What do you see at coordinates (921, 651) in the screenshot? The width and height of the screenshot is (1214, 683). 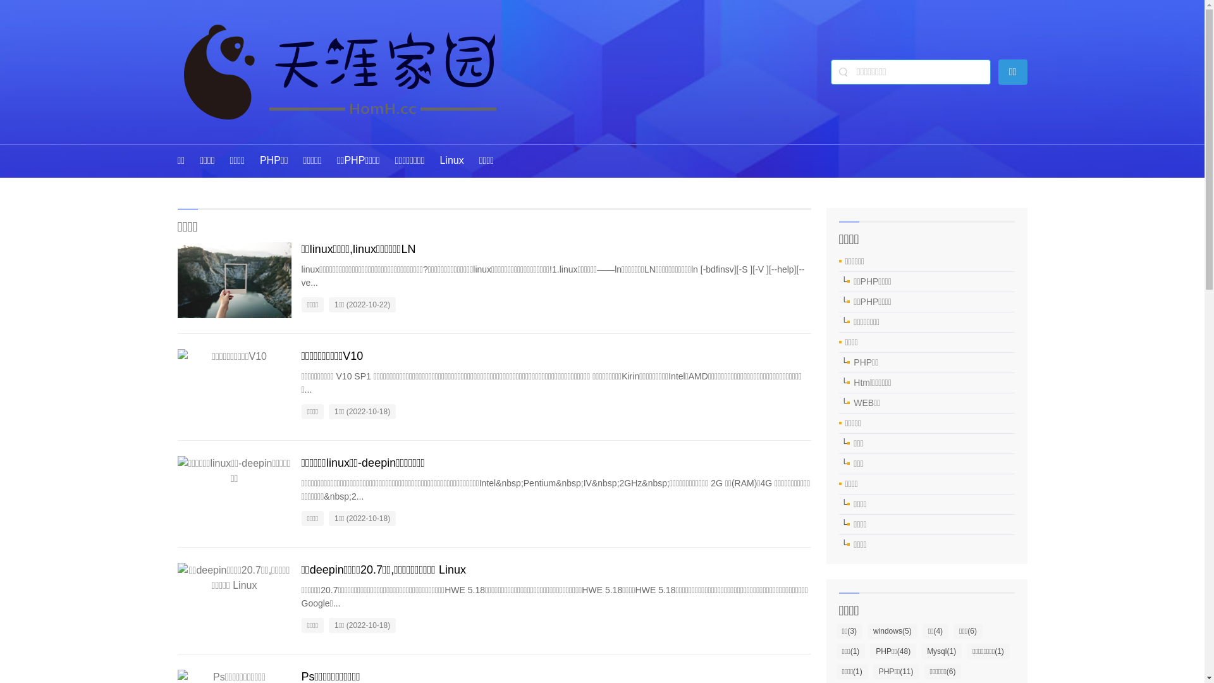 I see `'Mysql` at bounding box center [921, 651].